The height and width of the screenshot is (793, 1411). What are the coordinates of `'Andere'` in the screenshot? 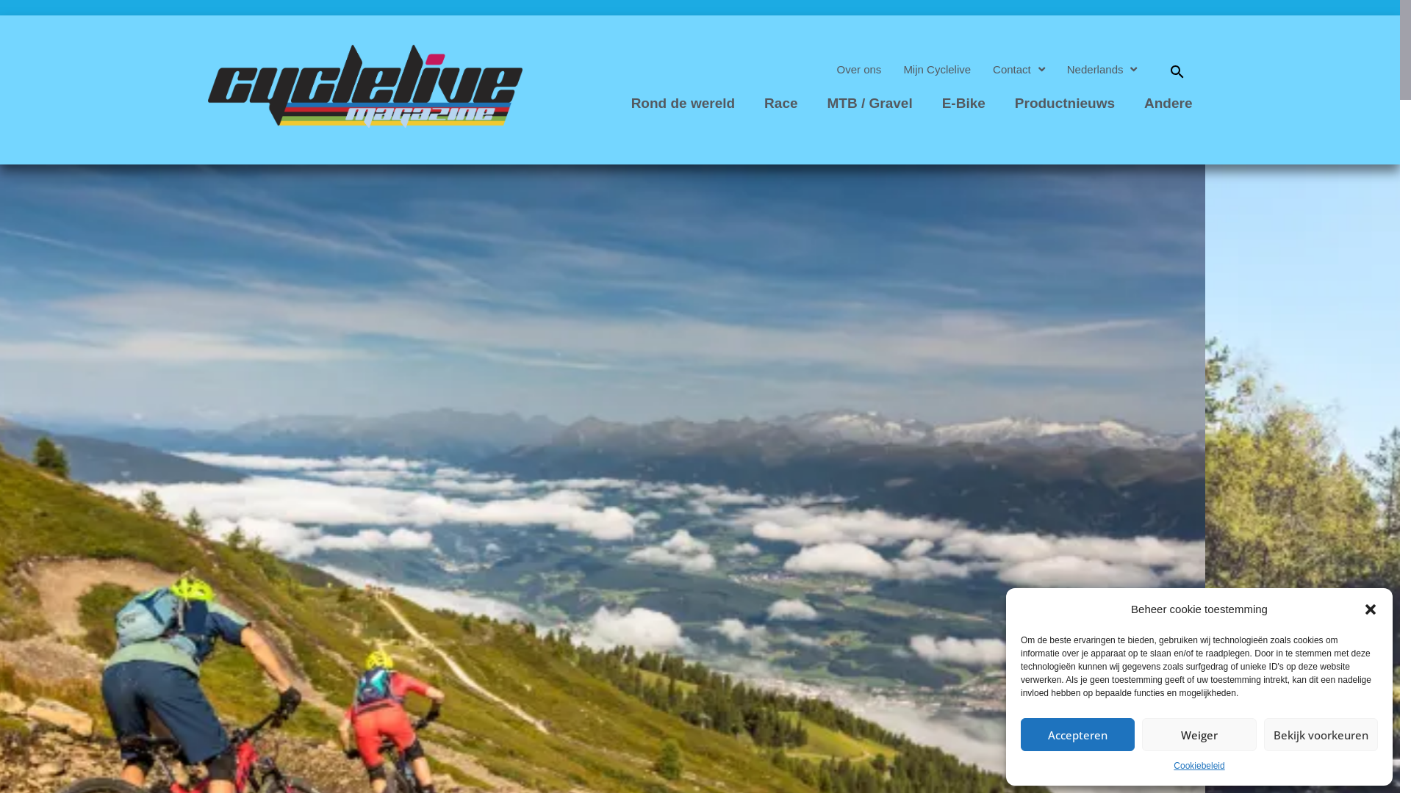 It's located at (1132, 103).